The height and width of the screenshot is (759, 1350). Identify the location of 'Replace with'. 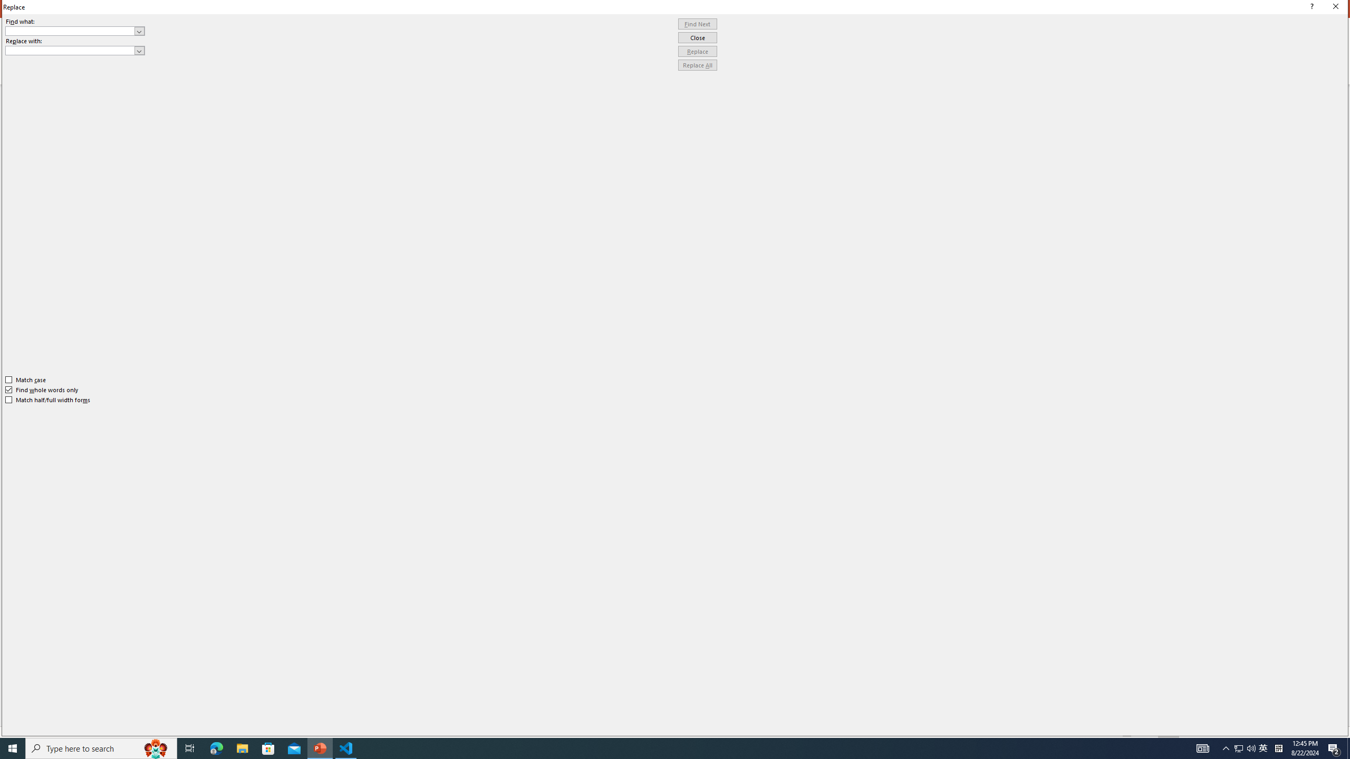
(70, 50).